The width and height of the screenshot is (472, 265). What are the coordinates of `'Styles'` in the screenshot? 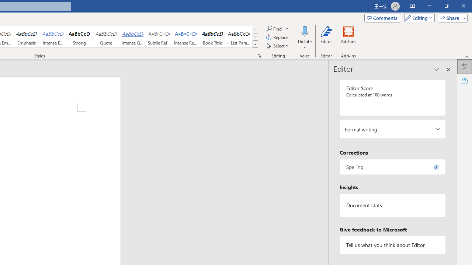 It's located at (255, 44).